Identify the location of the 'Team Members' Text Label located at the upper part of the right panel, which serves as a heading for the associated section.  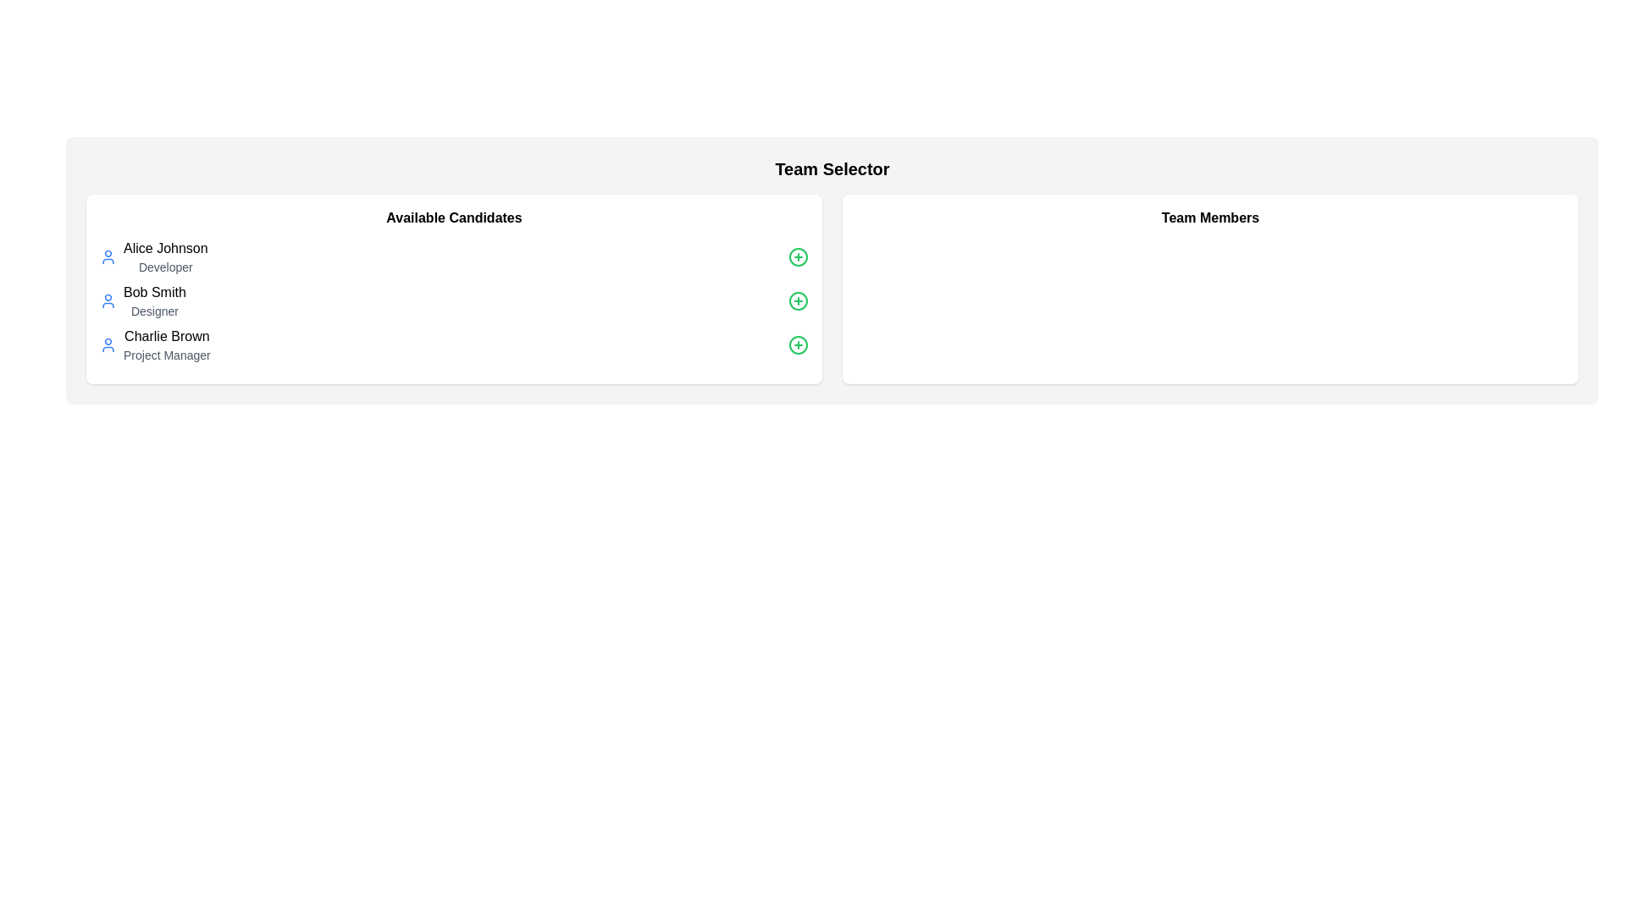
(1209, 217).